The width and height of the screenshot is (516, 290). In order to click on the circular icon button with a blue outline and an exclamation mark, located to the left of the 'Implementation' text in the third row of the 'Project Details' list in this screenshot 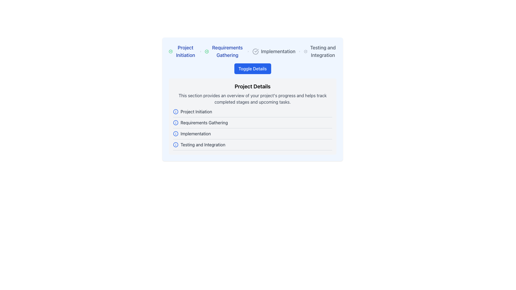, I will do `click(175, 133)`.